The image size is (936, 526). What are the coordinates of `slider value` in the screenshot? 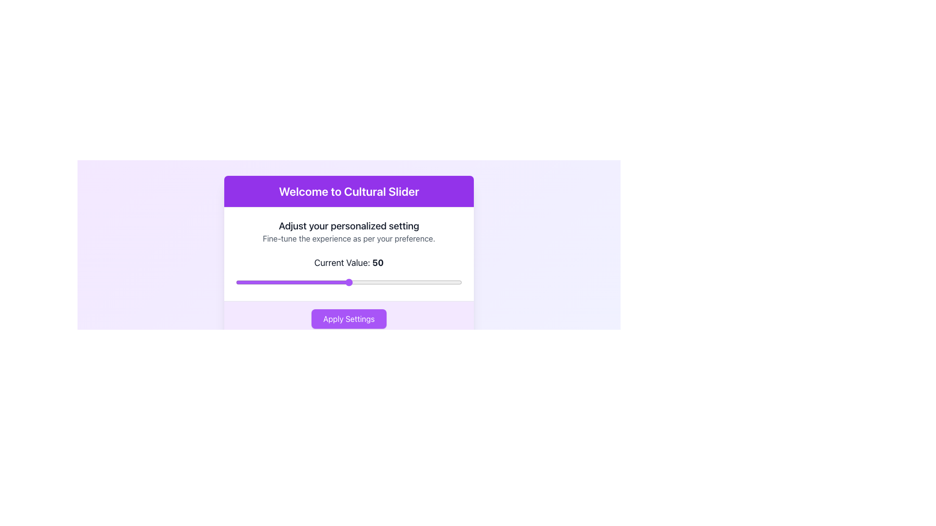 It's located at (236, 282).